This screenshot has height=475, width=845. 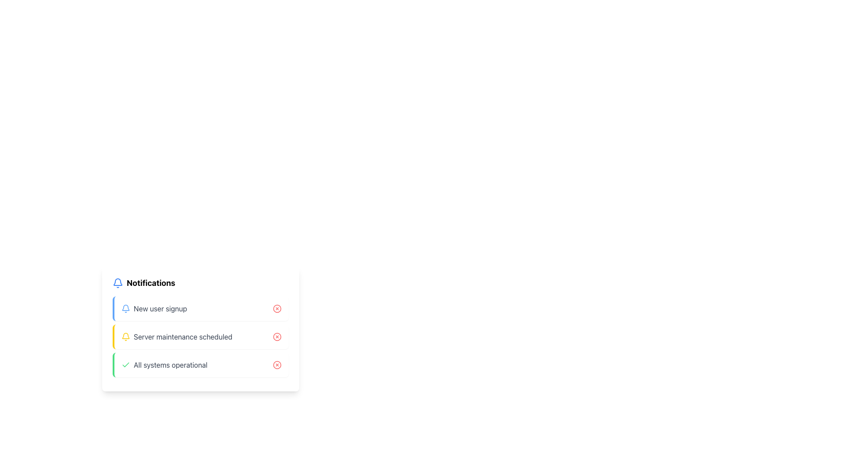 I want to click on the circular SVG element located next to the 'New user signup' notification entry, so click(x=276, y=308).